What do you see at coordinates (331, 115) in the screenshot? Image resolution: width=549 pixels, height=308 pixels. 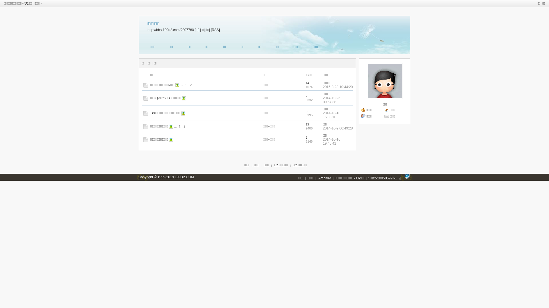 I see `'2014-10-16 15:06:10'` at bounding box center [331, 115].